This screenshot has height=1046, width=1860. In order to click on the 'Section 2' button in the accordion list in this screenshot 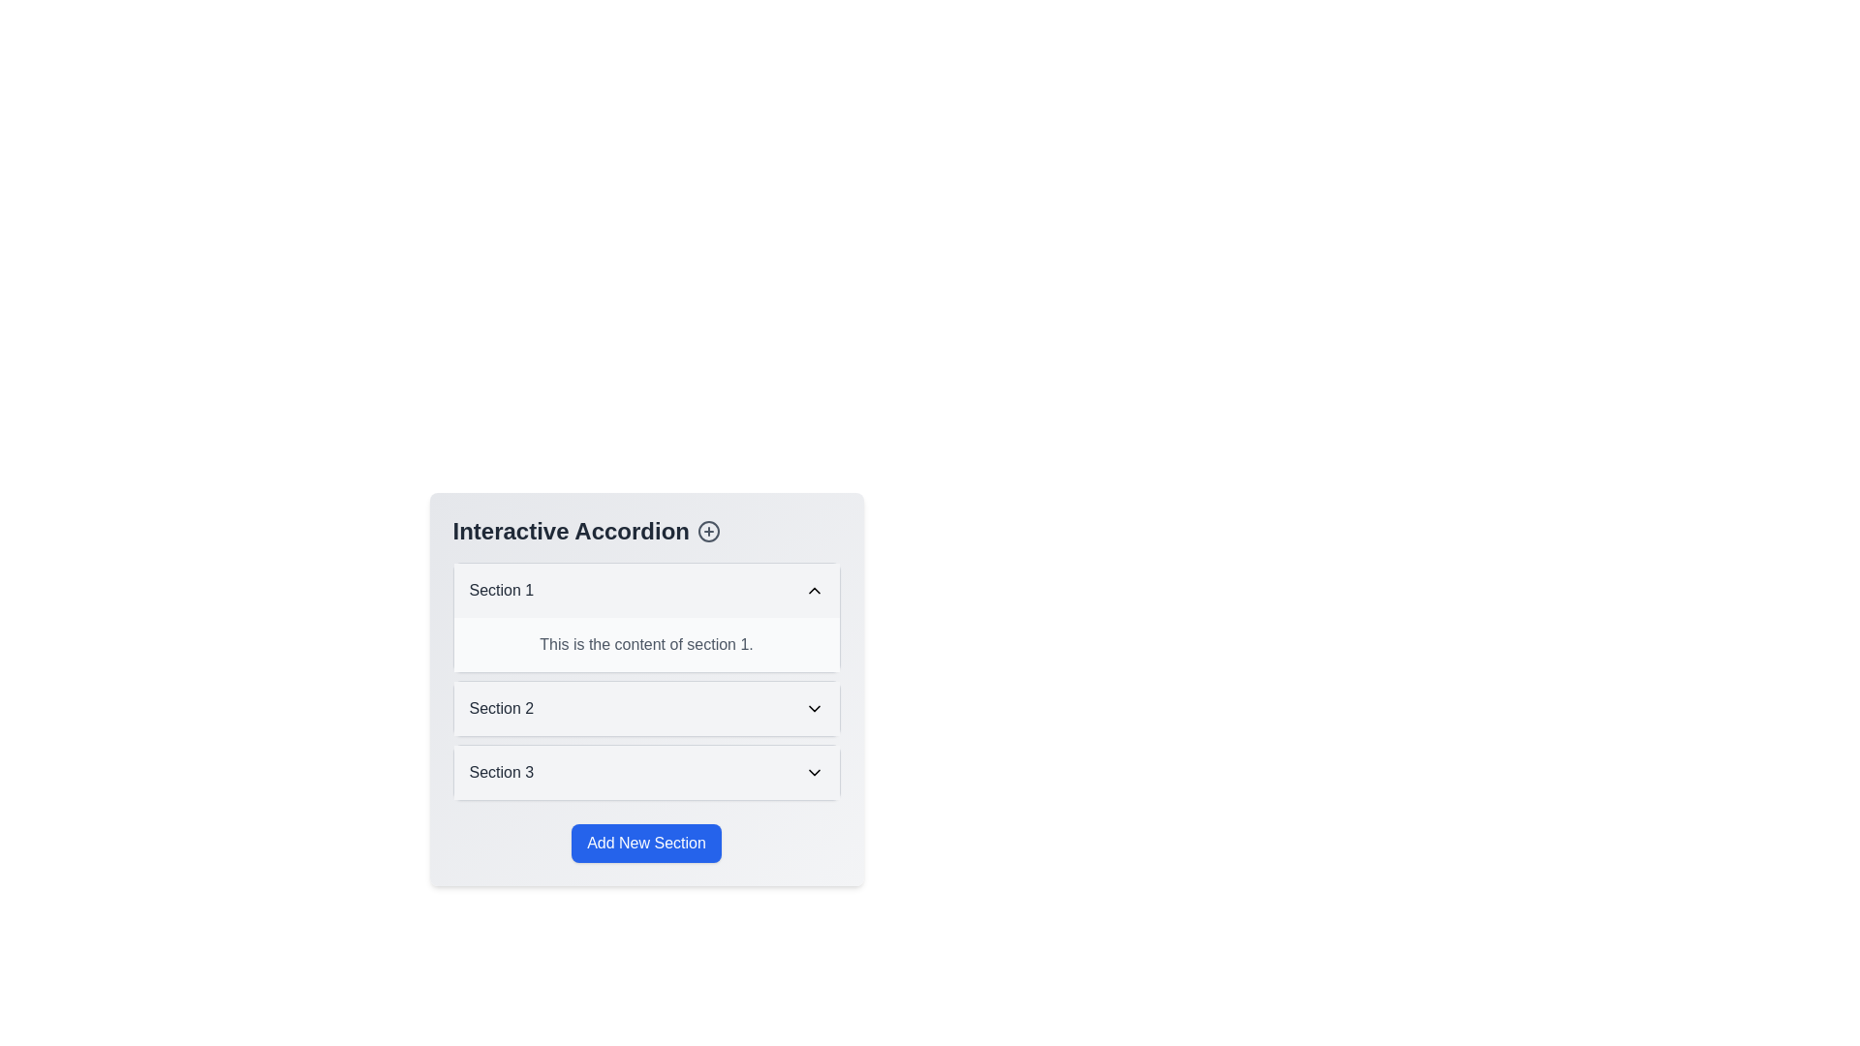, I will do `click(646, 709)`.